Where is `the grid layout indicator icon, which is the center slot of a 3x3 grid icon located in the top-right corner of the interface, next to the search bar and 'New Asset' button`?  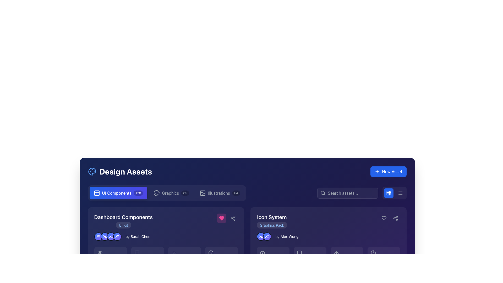 the grid layout indicator icon, which is the center slot of a 3x3 grid icon located in the top-right corner of the interface, next to the search bar and 'New Asset' button is located at coordinates (389, 193).